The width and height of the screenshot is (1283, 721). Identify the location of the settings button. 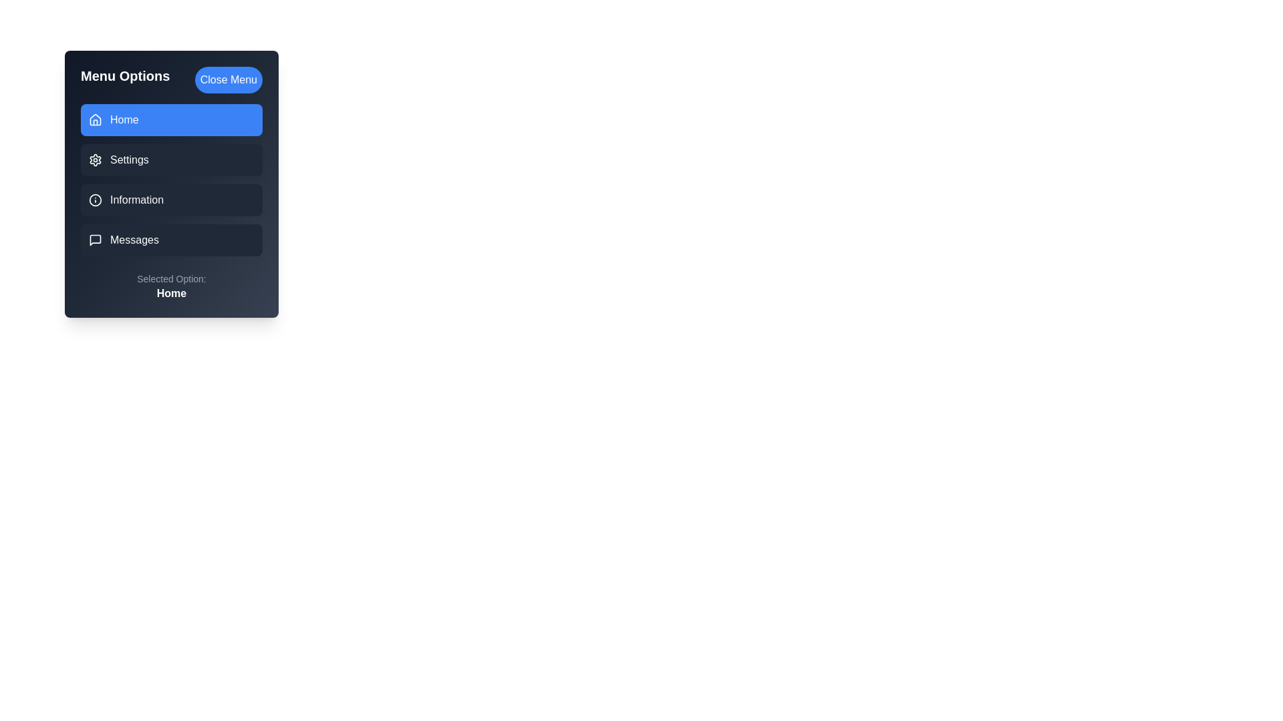
(171, 159).